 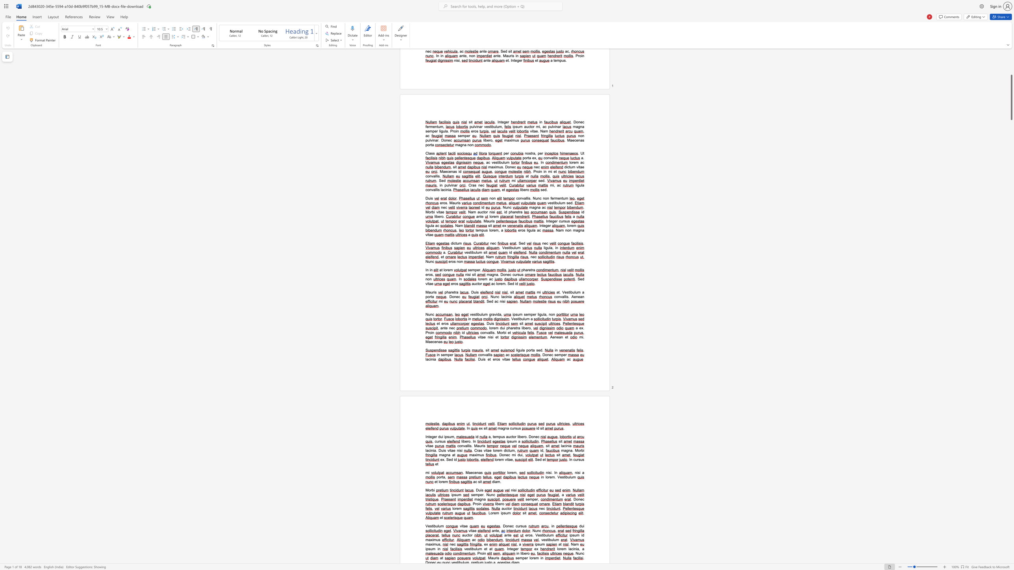 What do you see at coordinates (463, 441) in the screenshot?
I see `the 1th character "i" in the text` at bounding box center [463, 441].